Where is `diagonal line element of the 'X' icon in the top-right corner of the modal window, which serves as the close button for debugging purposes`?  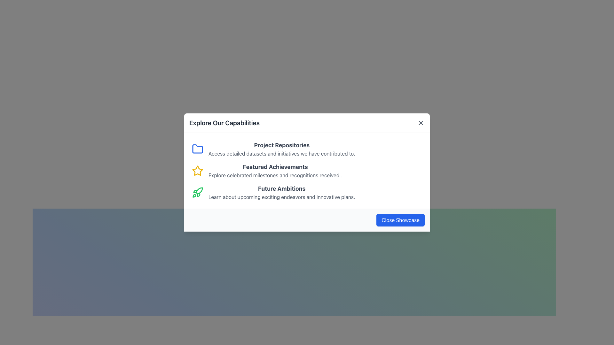
diagonal line element of the 'X' icon in the top-right corner of the modal window, which serves as the close button for debugging purposes is located at coordinates (421, 123).